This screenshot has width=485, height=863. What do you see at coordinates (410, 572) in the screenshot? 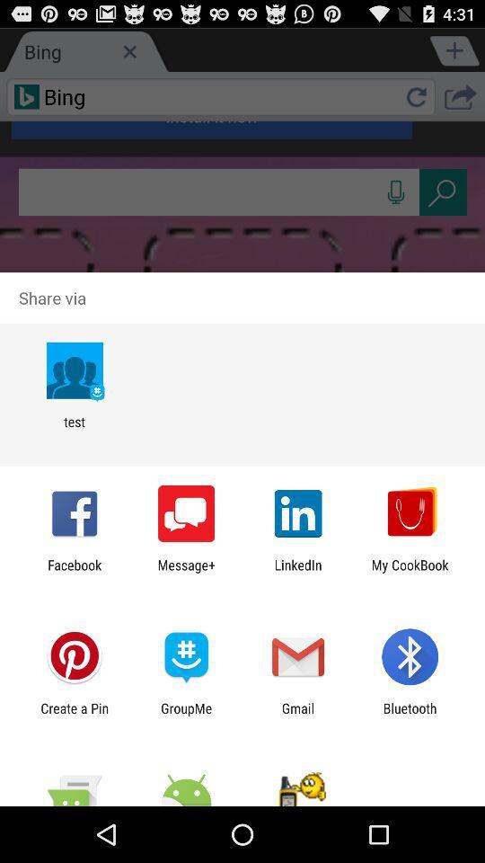
I see `item to the right of linkedin icon` at bounding box center [410, 572].